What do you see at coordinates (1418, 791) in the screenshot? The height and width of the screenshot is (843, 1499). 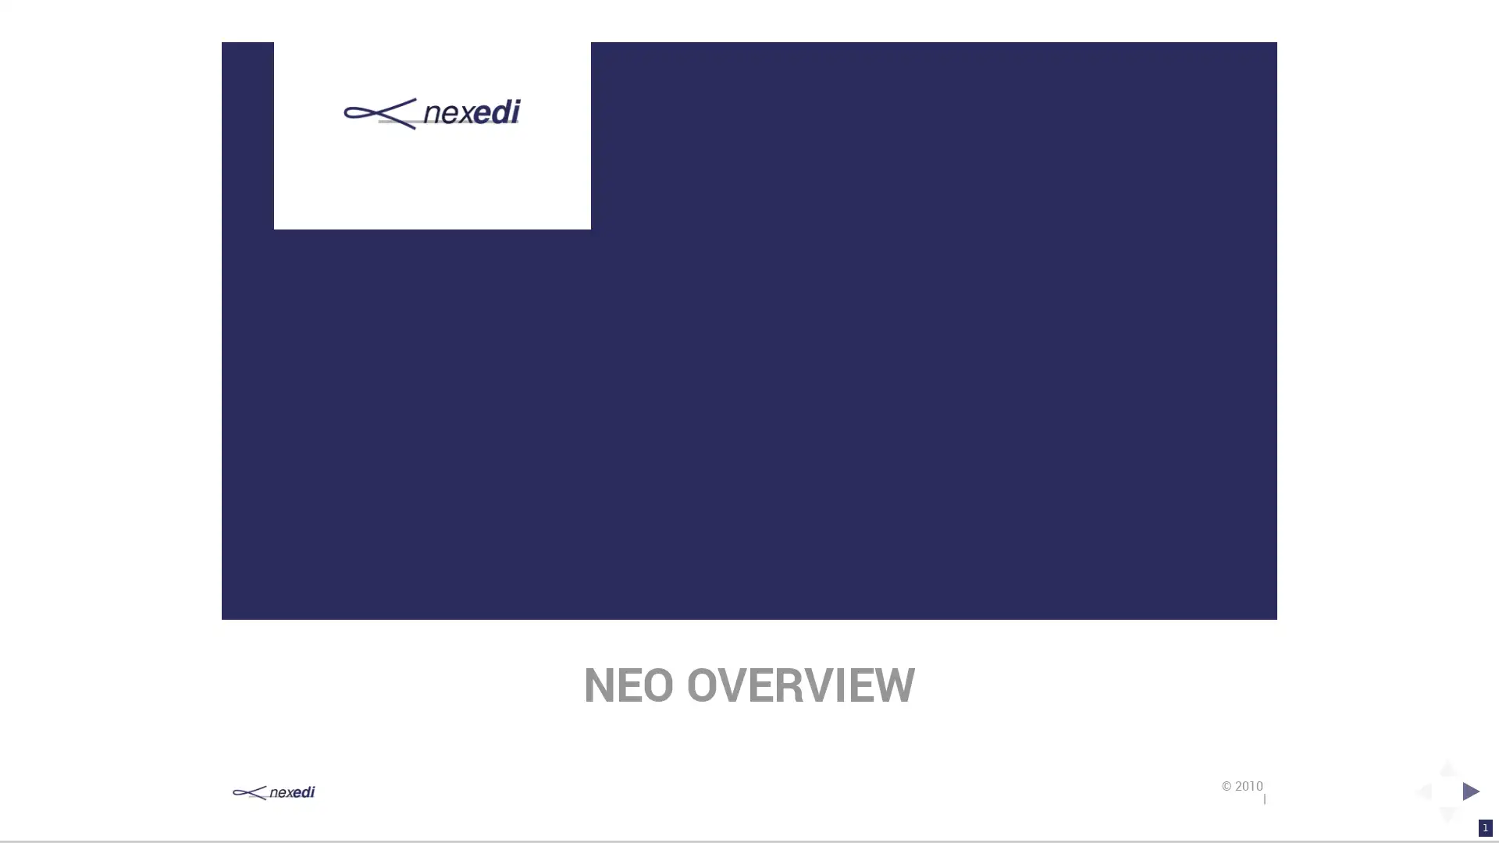 I see `previous slide` at bounding box center [1418, 791].